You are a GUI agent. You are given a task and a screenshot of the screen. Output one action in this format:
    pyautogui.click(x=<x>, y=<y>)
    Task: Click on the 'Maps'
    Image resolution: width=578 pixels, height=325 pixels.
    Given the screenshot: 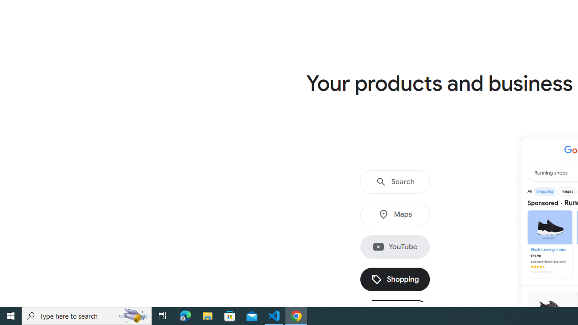 What is the action you would take?
    pyautogui.click(x=395, y=214)
    